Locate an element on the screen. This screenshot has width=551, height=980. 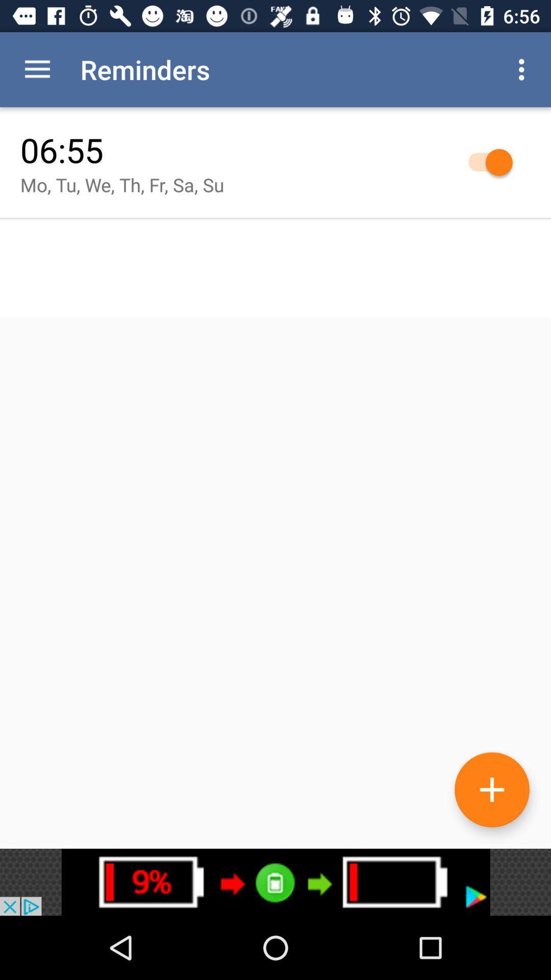
notifications is located at coordinates (275, 881).